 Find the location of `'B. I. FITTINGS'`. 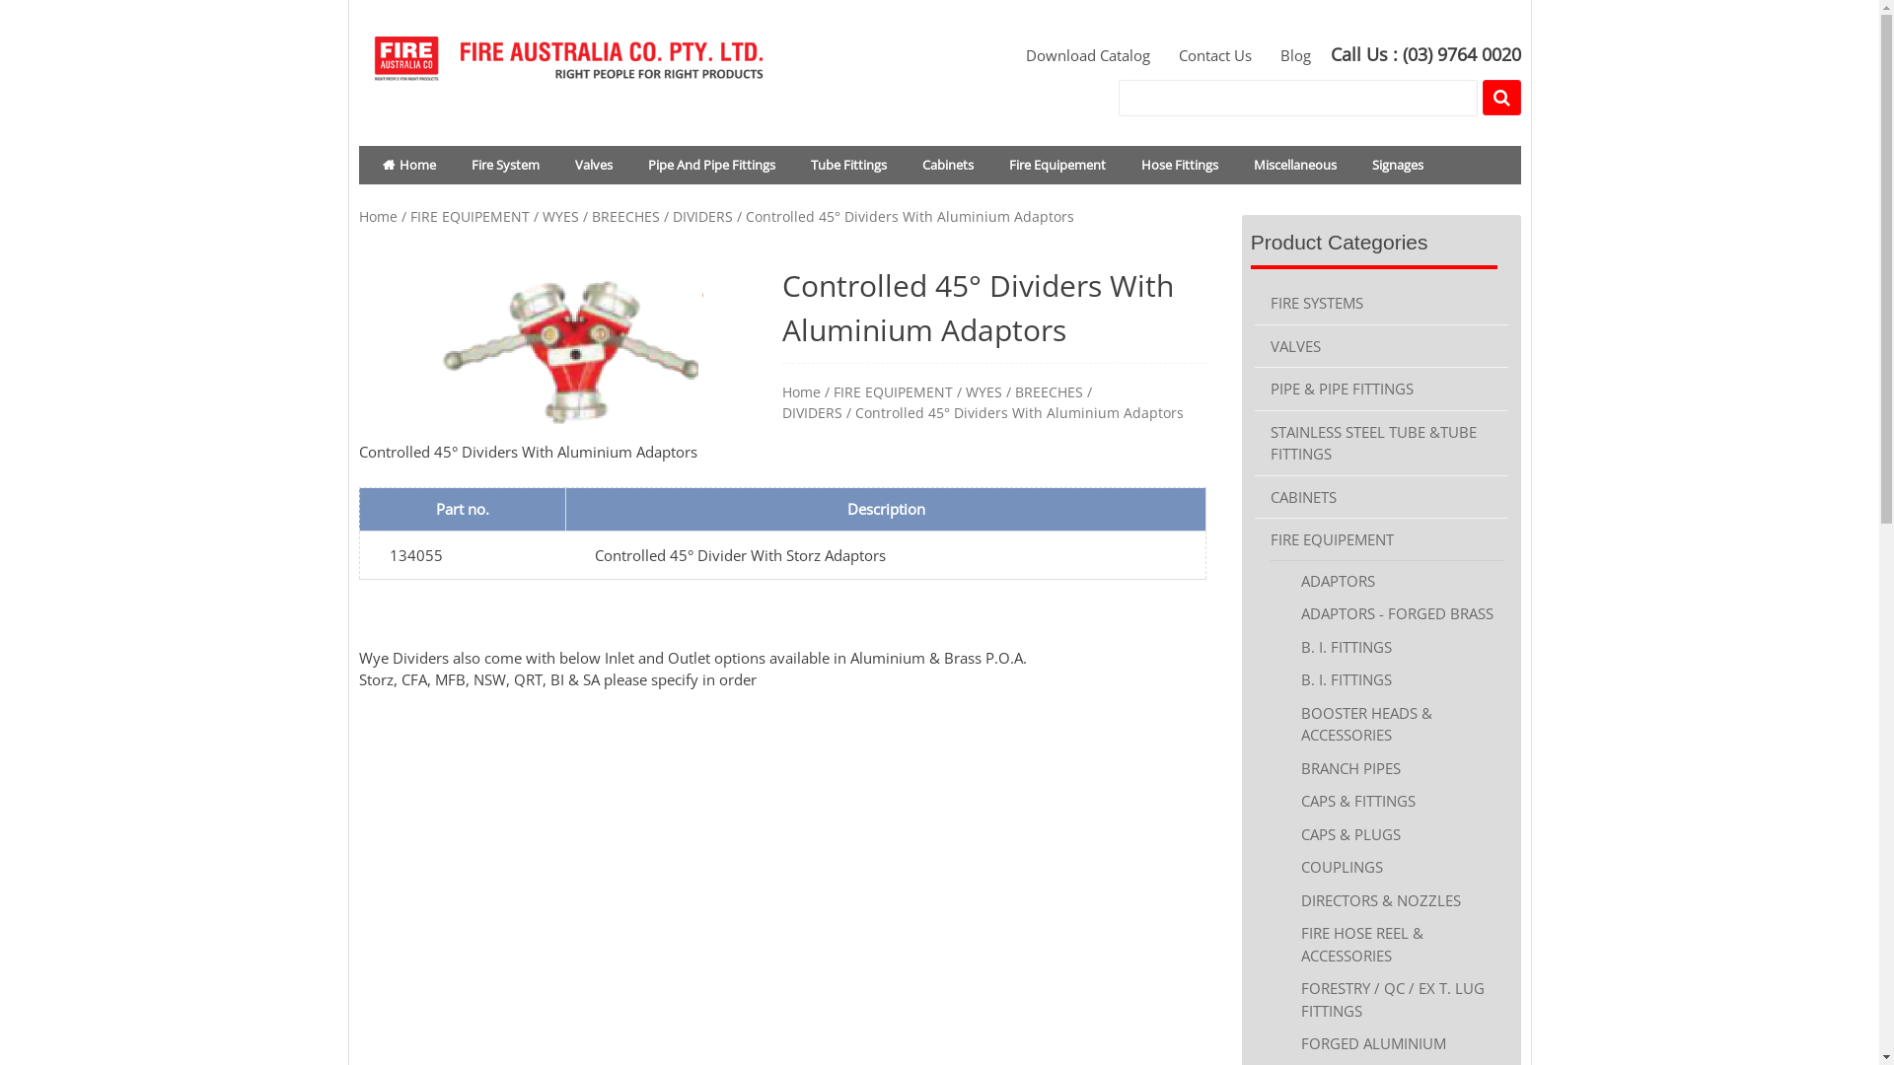

'B. I. FITTINGS' is located at coordinates (1345, 678).